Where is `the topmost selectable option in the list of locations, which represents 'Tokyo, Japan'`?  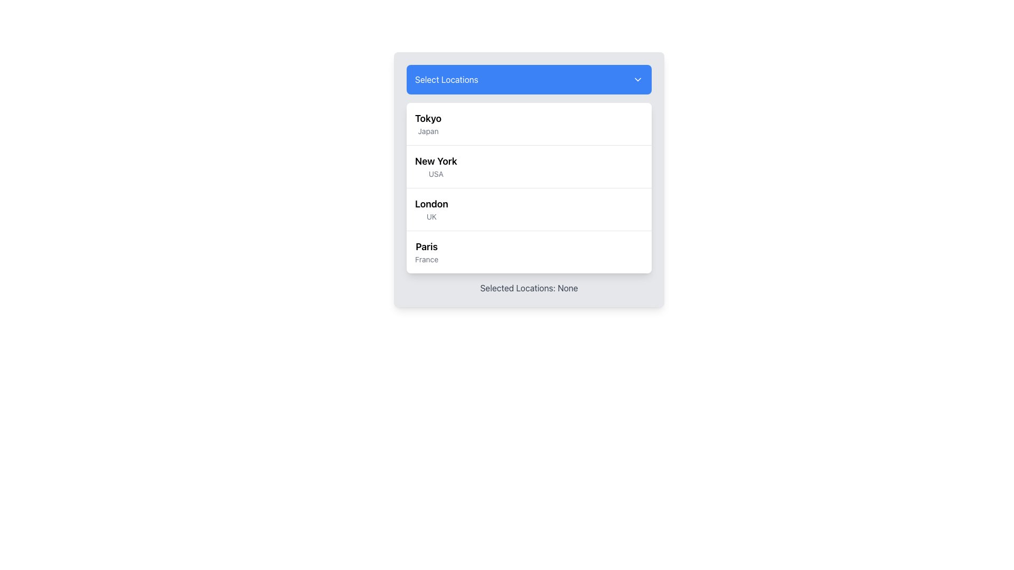
the topmost selectable option in the list of locations, which represents 'Tokyo, Japan' is located at coordinates (428, 123).